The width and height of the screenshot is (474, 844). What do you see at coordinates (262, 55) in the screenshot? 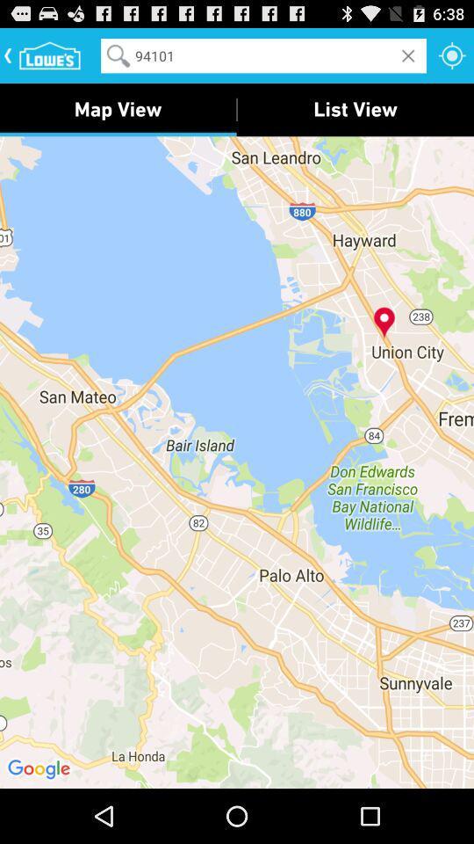
I see `94101 item` at bounding box center [262, 55].